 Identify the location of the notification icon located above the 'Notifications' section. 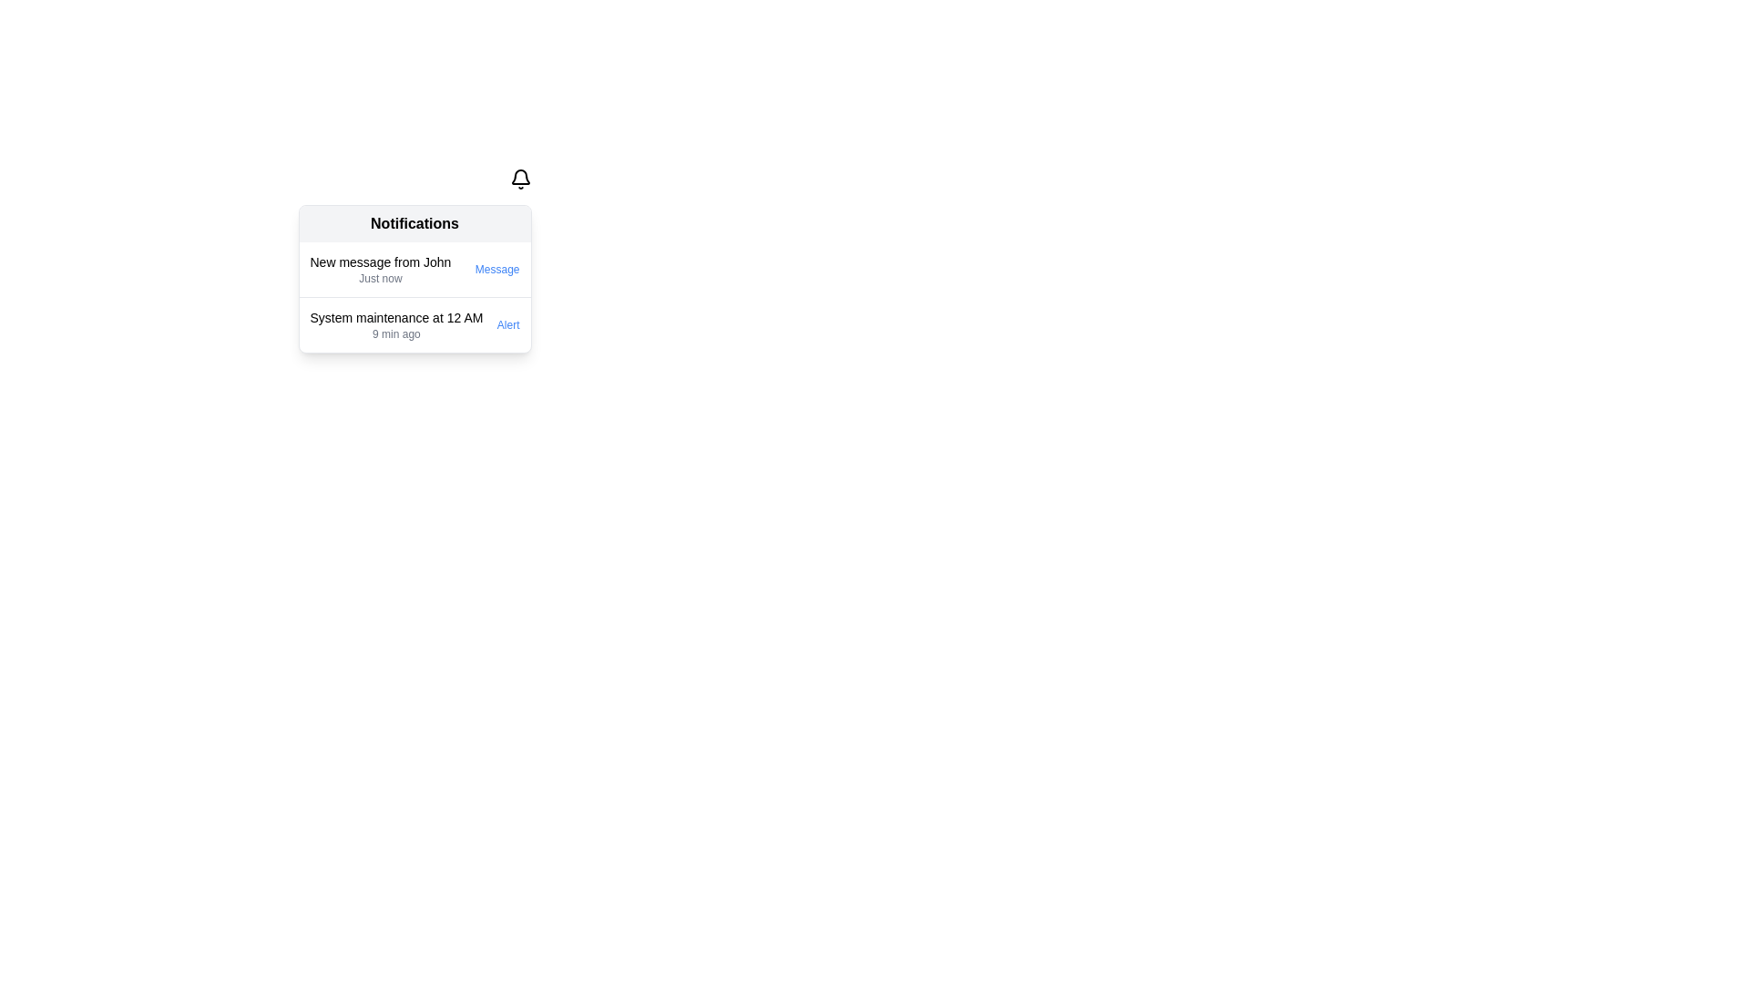
(519, 179).